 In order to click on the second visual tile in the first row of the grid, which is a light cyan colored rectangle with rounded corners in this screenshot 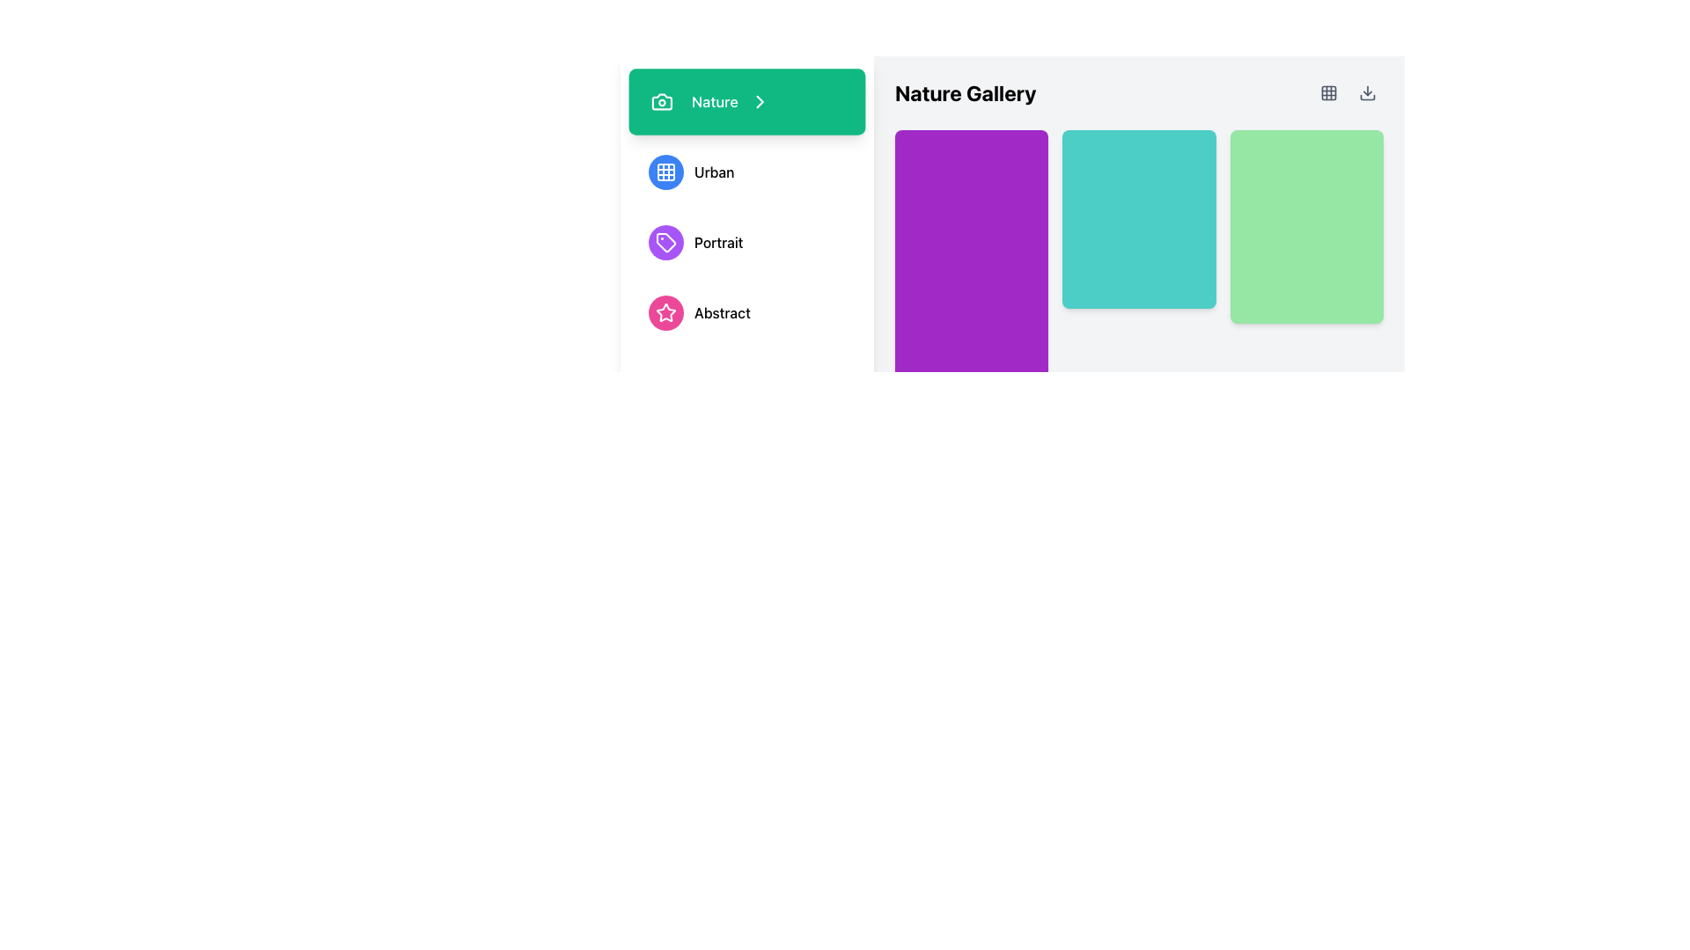, I will do `click(1139, 218)`.